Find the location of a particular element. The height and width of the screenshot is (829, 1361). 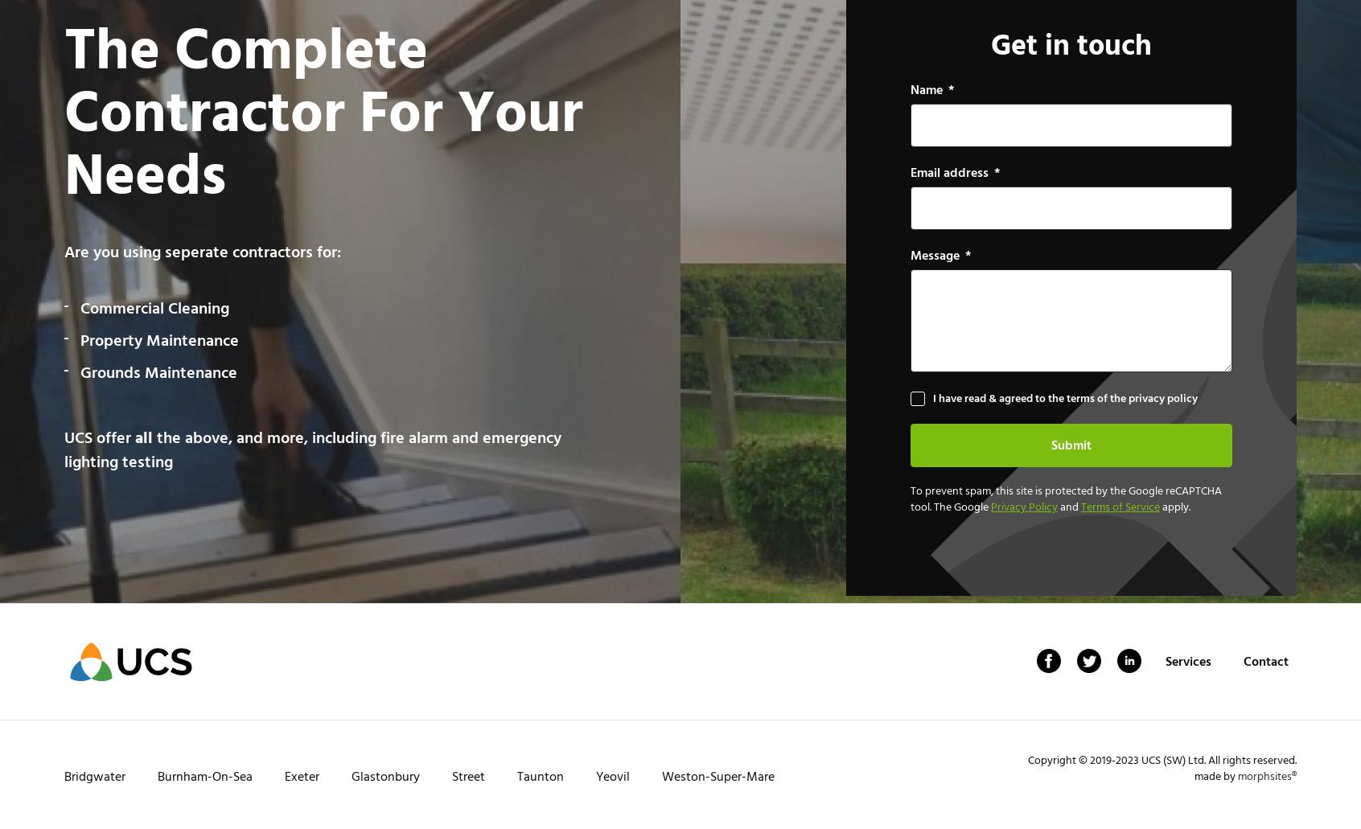

'Services' is located at coordinates (1187, 660).